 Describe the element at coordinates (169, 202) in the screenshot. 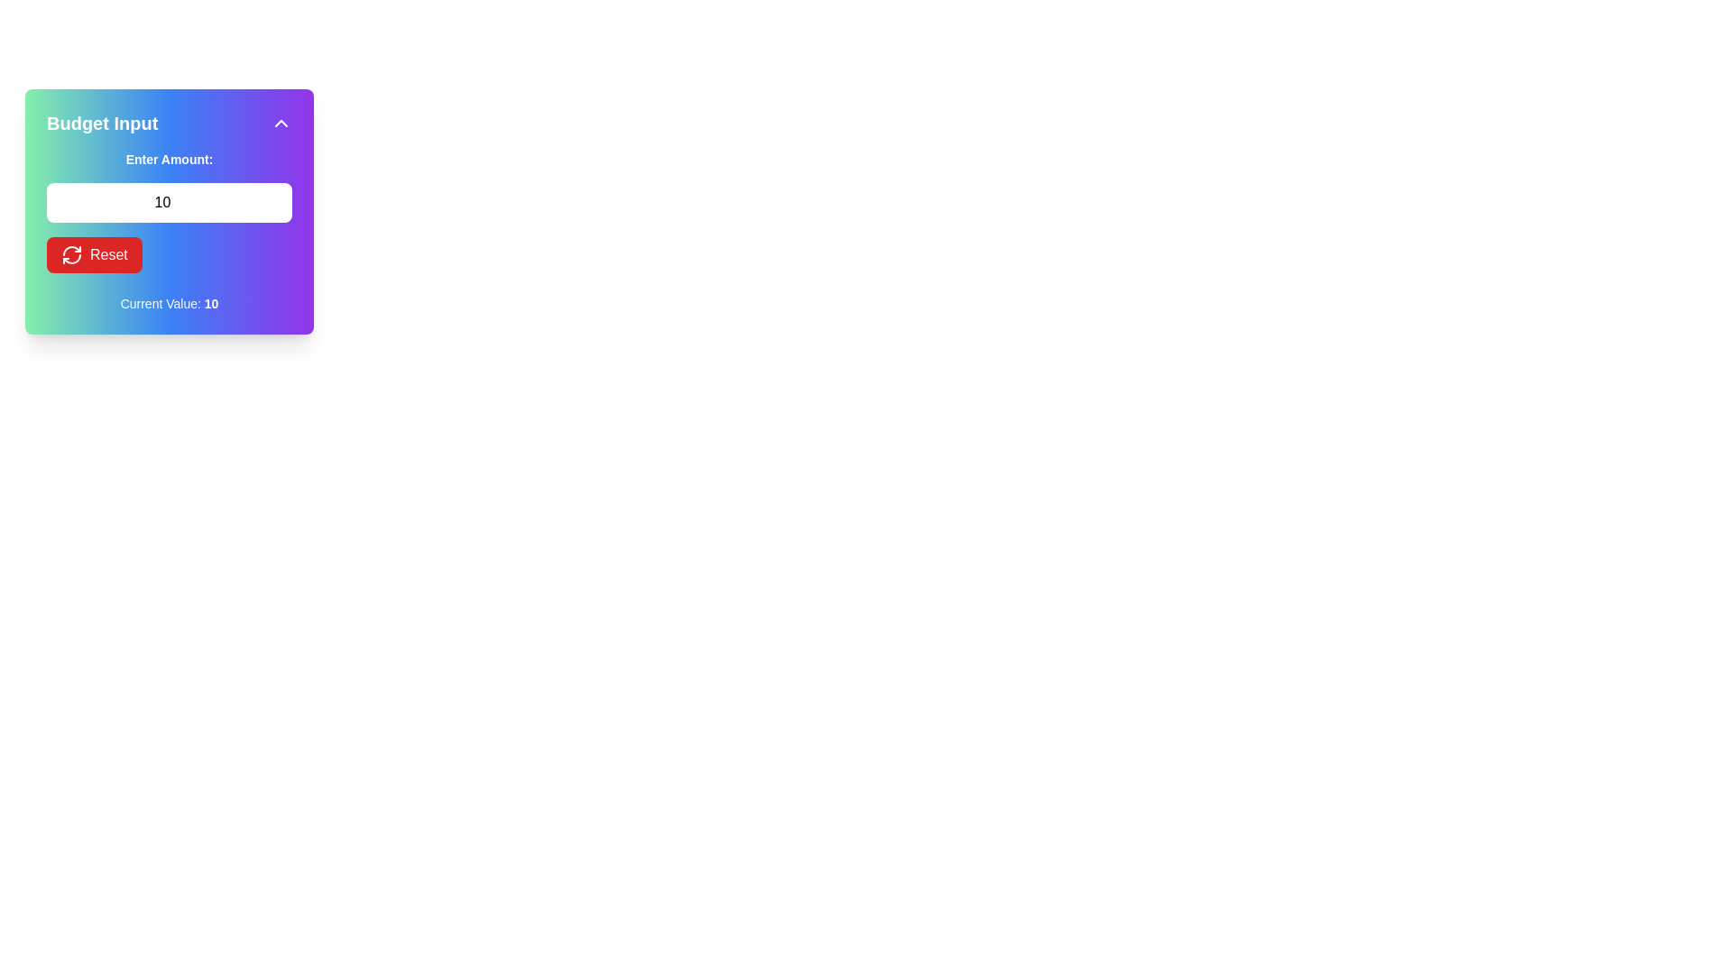

I see `the number input field with rounded corners and a white border to focus on it` at that location.